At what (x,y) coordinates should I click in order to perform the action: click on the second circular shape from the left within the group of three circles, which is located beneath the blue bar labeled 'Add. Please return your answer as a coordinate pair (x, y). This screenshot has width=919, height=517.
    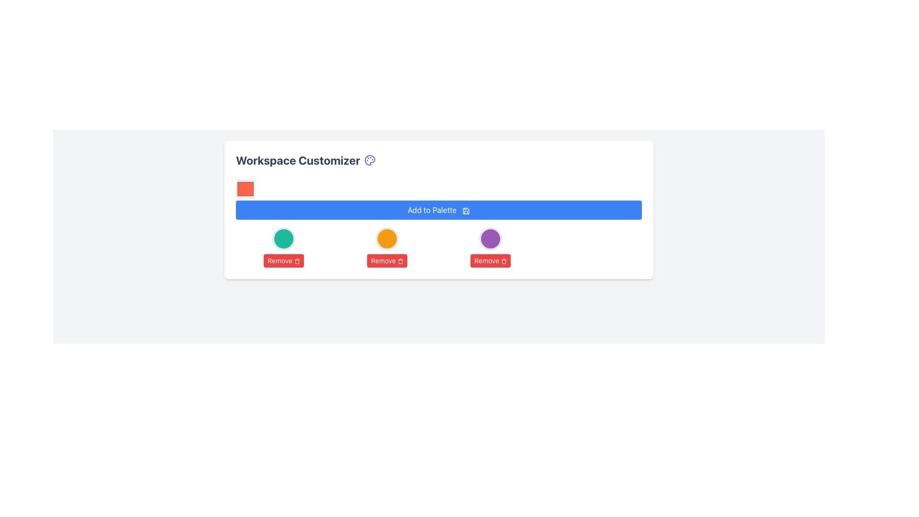
    Looking at the image, I should click on (387, 238).